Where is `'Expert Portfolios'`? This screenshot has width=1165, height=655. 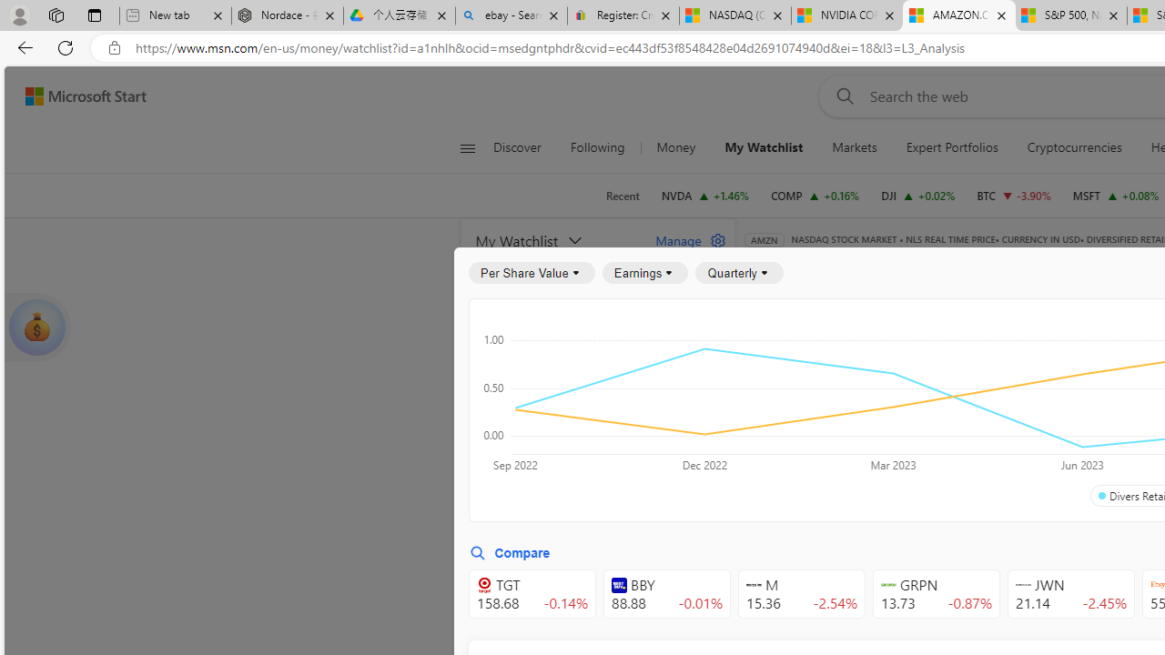 'Expert Portfolios' is located at coordinates (951, 147).